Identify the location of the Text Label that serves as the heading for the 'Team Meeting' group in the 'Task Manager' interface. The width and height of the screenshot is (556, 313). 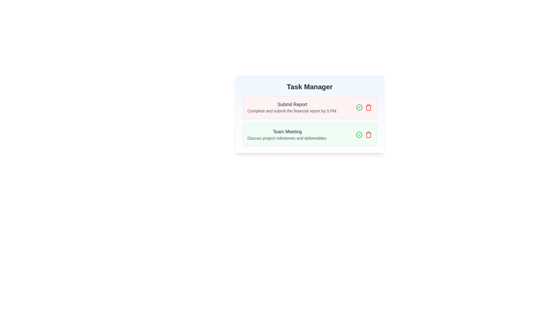
(287, 132).